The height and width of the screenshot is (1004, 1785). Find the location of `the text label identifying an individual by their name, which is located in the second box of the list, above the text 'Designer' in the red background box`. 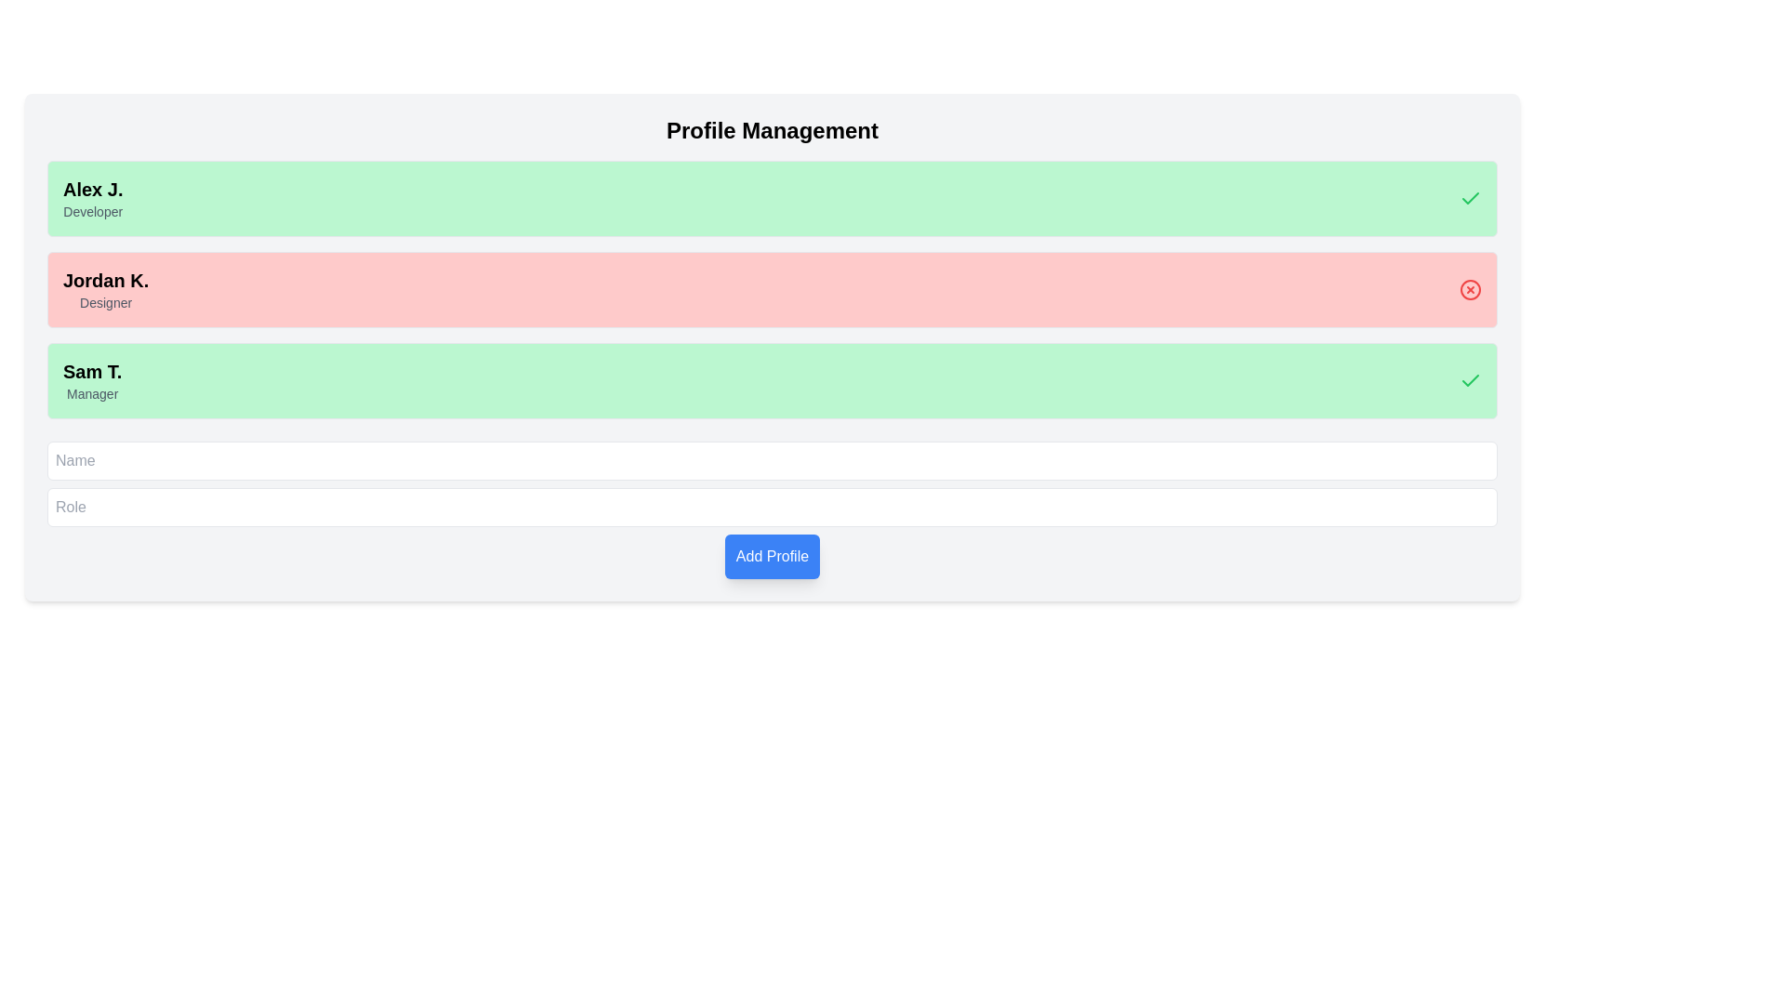

the text label identifying an individual by their name, which is located in the second box of the list, above the text 'Designer' in the red background box is located at coordinates (105, 280).